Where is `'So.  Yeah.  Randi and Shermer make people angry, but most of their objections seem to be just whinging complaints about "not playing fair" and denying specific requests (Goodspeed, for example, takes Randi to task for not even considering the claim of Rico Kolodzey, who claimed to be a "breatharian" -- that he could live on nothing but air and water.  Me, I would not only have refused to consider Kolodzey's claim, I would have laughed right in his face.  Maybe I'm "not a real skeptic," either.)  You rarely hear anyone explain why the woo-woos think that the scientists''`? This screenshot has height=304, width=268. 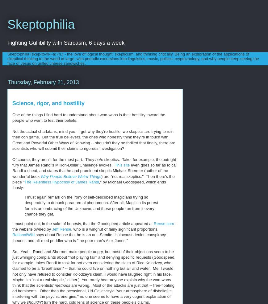 'So.  Yeah.  Randi and Shermer make people angry, but most of their objections seem to be just whinging complaints about "not playing fair" and denying specific requests (Goodspeed, for example, takes Randi to task for not even considering the claim of Rico Kolodzey, who claimed to be a "breatharian" -- that he could live on nothing but air and water.  Me, I would not only have refused to consider Kolodzey's claim, I would have laughed right in his face.  Maybe I'm "not a real skeptic," either.)  You rarely hear anyone explain why the woo-woos think that the scientists'' is located at coordinates (94, 268).